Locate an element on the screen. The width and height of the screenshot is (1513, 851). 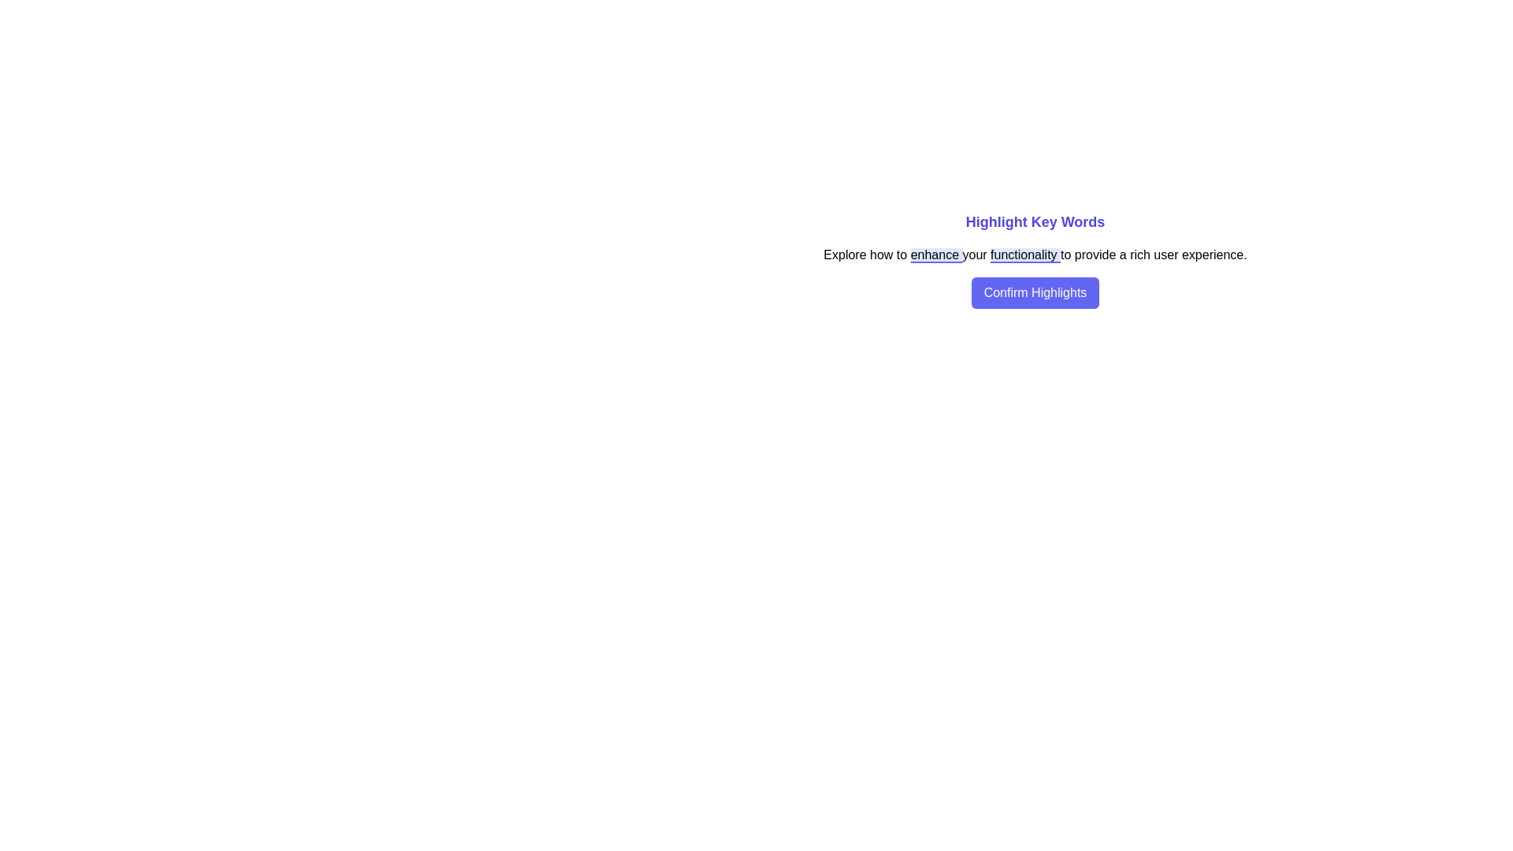
the 'Confirm Highlights' button, which is a rectangular button with rounded corners and an indigo background, positioned below the heading 'Highlight Key Words' is located at coordinates (1035, 292).